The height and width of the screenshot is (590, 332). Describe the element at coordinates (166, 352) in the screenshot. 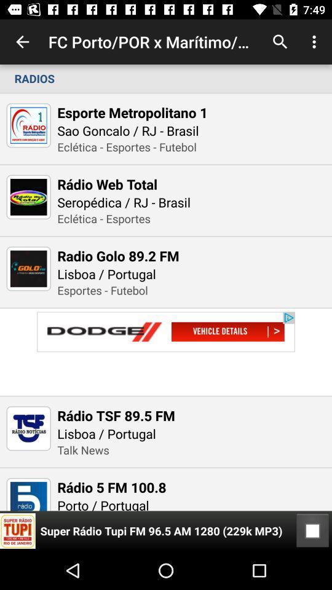

I see `link to advertisement` at that location.